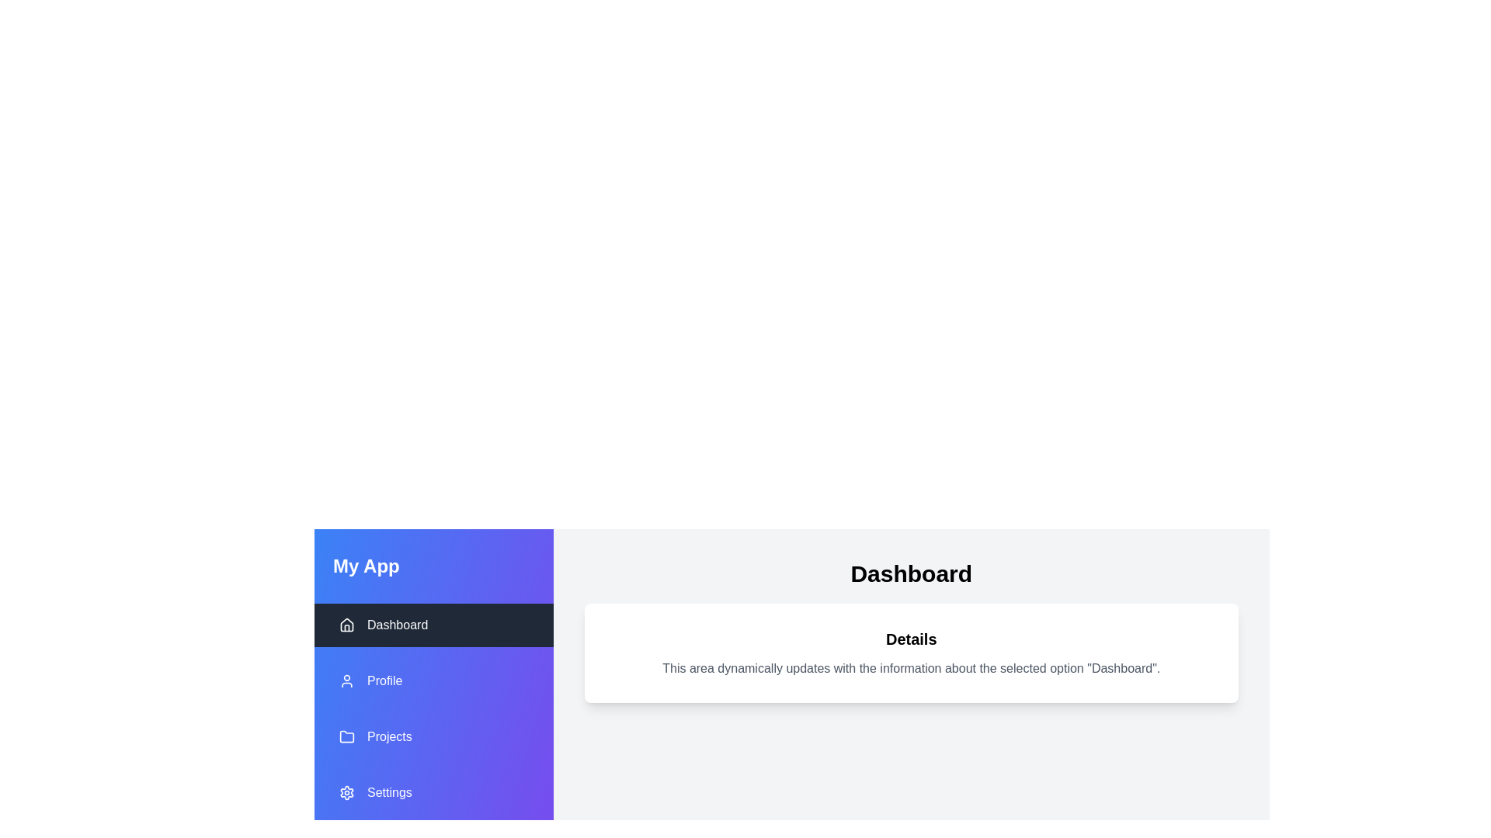  I want to click on the menu item Settings, so click(433, 793).